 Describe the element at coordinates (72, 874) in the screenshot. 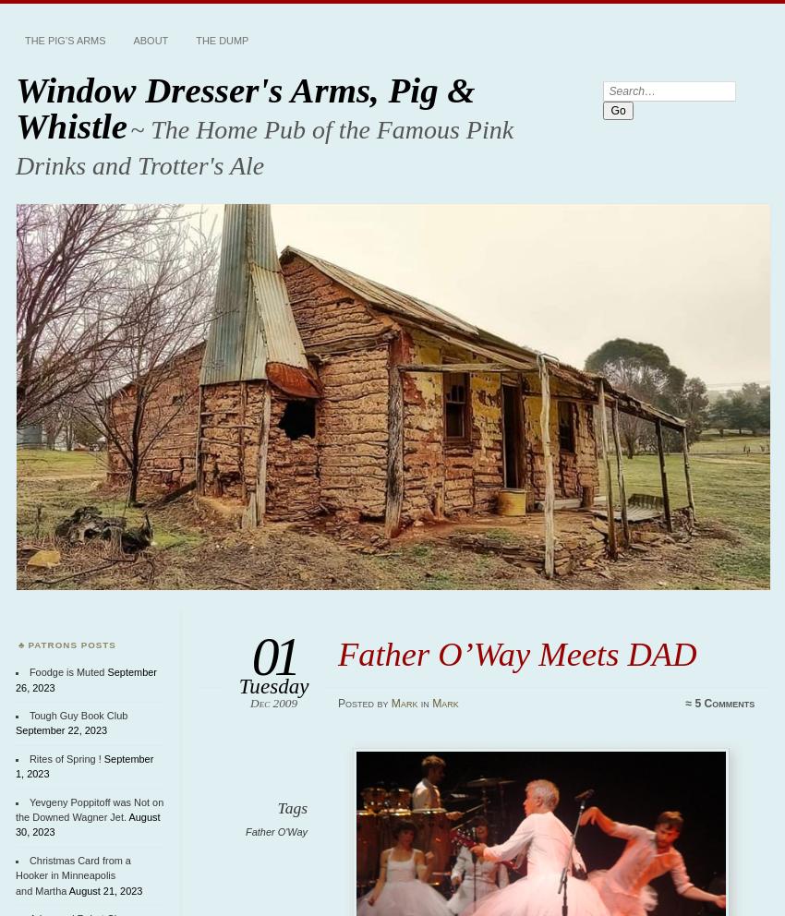

I see `'Christmas Card from a Hooker in Minneapolis and Martha'` at that location.